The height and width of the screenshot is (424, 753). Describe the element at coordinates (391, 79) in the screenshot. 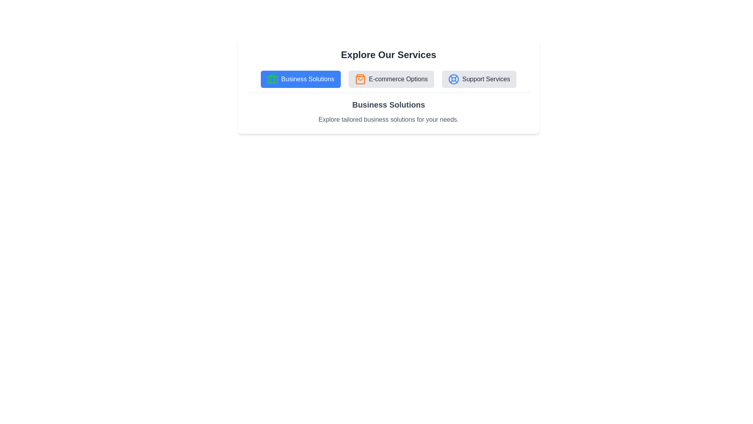

I see `the tab corresponding to E-commerce Options` at that location.